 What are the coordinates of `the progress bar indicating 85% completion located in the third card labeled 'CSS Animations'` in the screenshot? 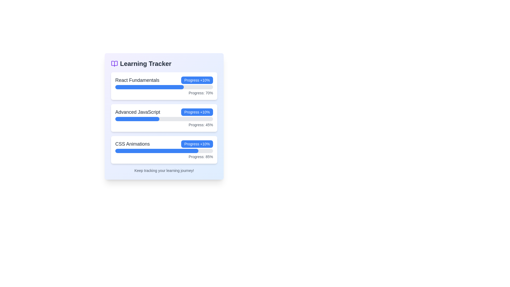 It's located at (164, 151).